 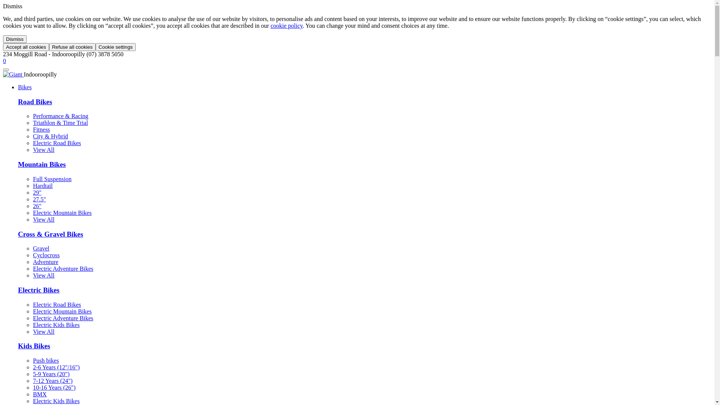 I want to click on 'Dismiss', so click(x=3, y=39).